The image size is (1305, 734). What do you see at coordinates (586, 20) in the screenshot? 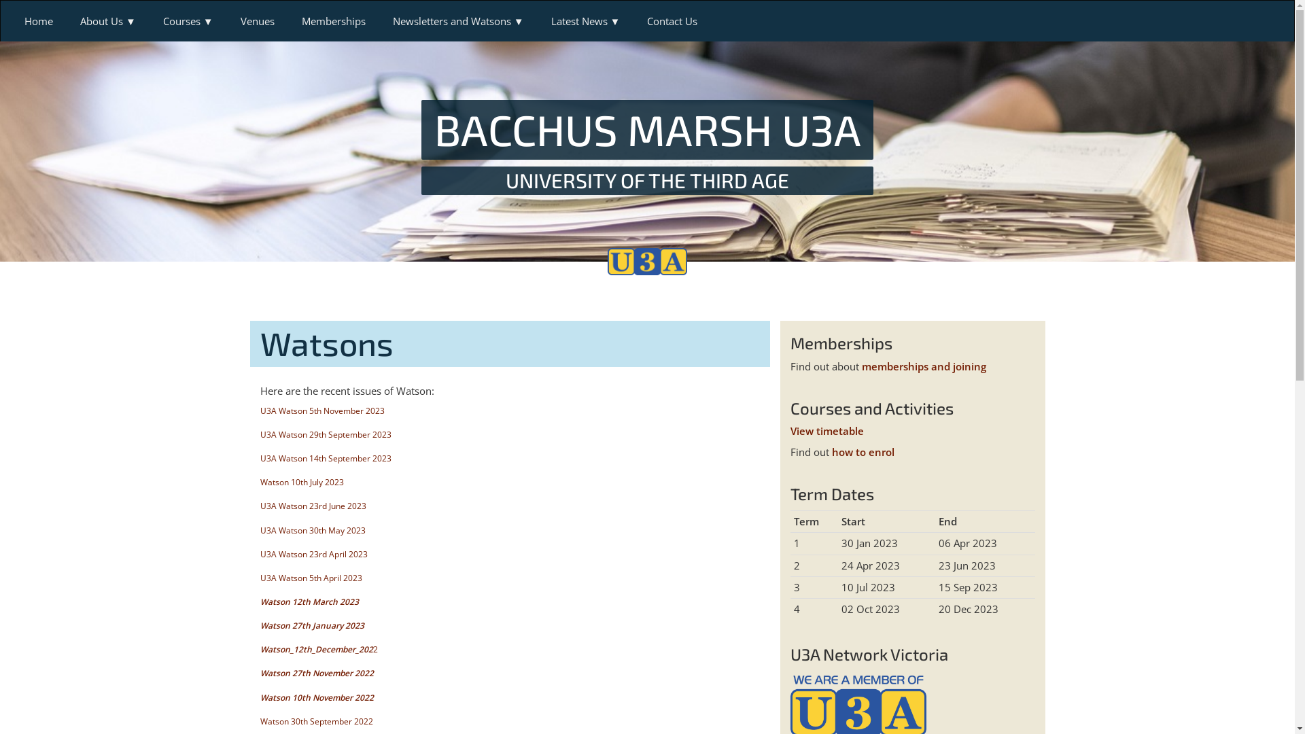
I see `'Latest News'` at bounding box center [586, 20].